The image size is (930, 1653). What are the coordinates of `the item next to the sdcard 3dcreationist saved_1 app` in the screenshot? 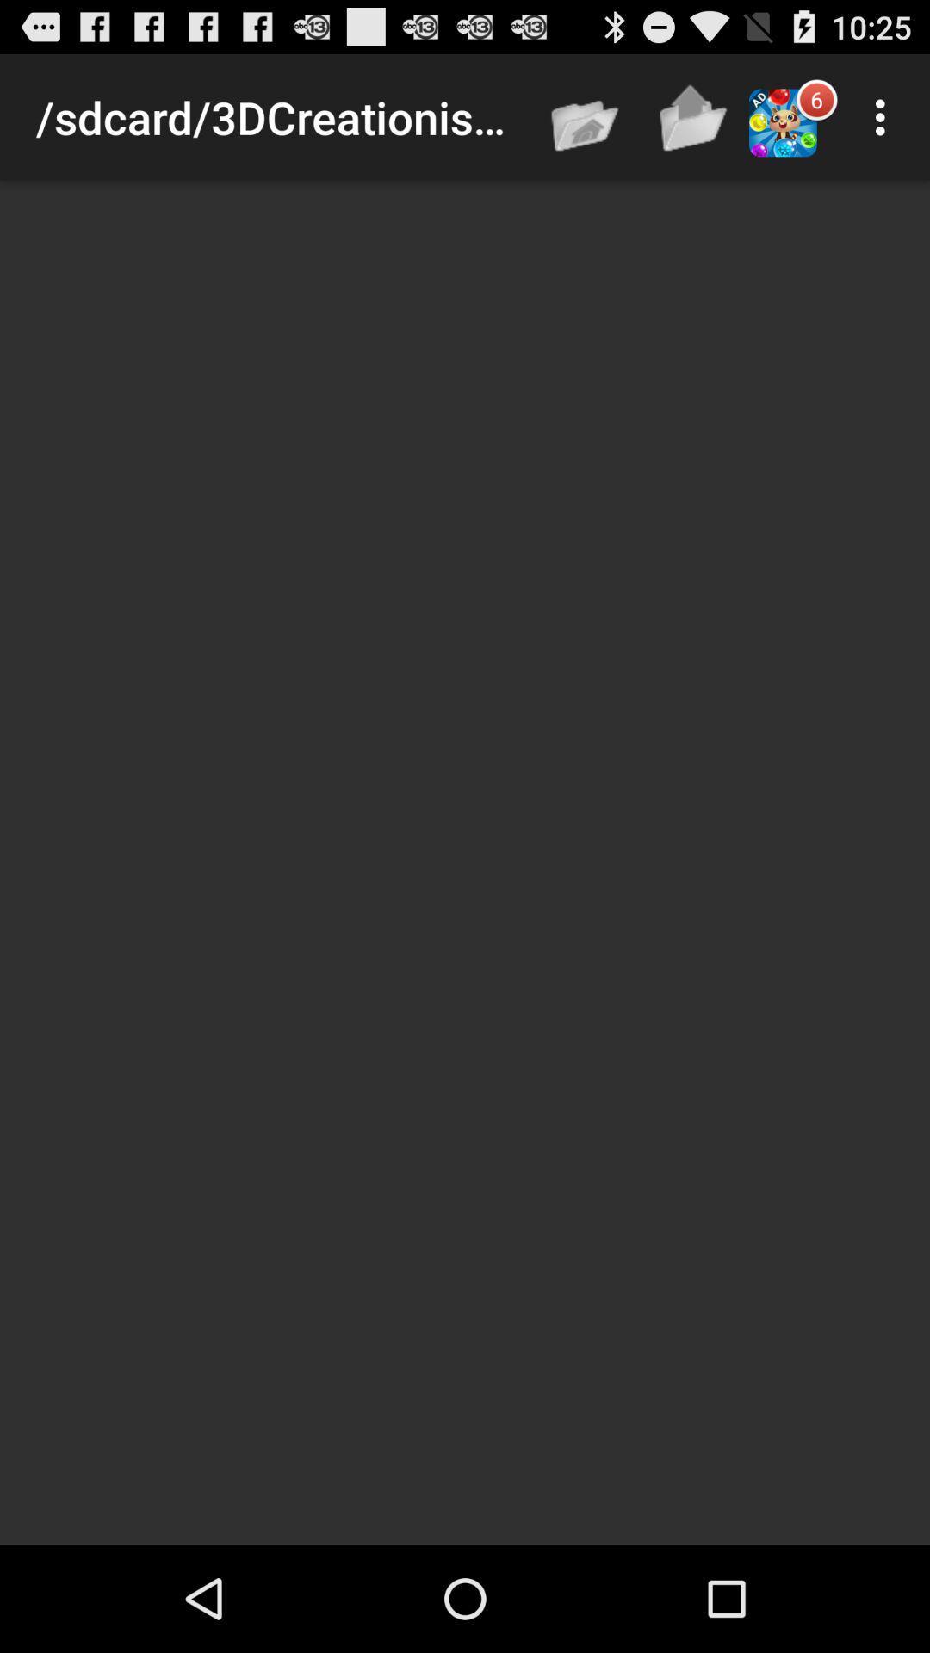 It's located at (586, 116).